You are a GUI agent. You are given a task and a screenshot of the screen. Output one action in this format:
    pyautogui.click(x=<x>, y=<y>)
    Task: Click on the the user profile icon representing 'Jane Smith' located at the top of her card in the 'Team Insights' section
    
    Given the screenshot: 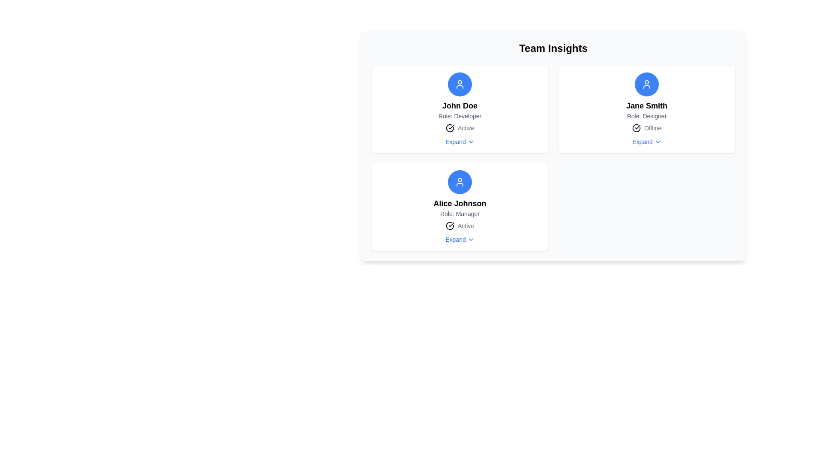 What is the action you would take?
    pyautogui.click(x=646, y=84)
    